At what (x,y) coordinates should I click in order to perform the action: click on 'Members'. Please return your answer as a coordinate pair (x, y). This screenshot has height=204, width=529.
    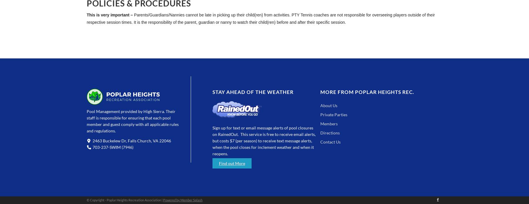
    Looking at the image, I should click on (320, 124).